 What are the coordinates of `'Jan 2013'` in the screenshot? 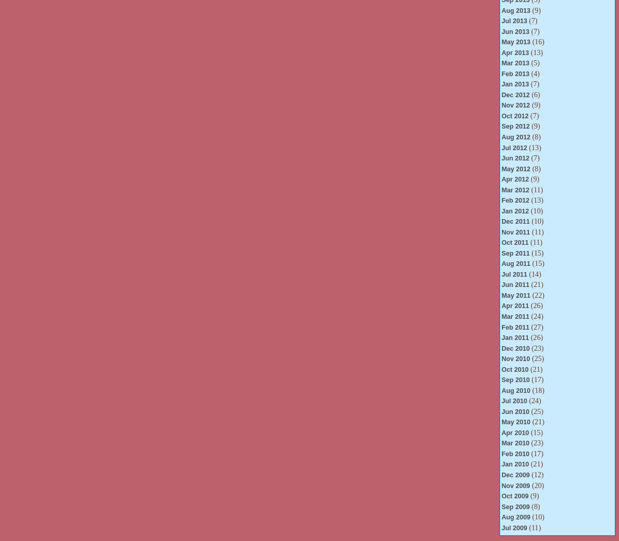 It's located at (501, 84).